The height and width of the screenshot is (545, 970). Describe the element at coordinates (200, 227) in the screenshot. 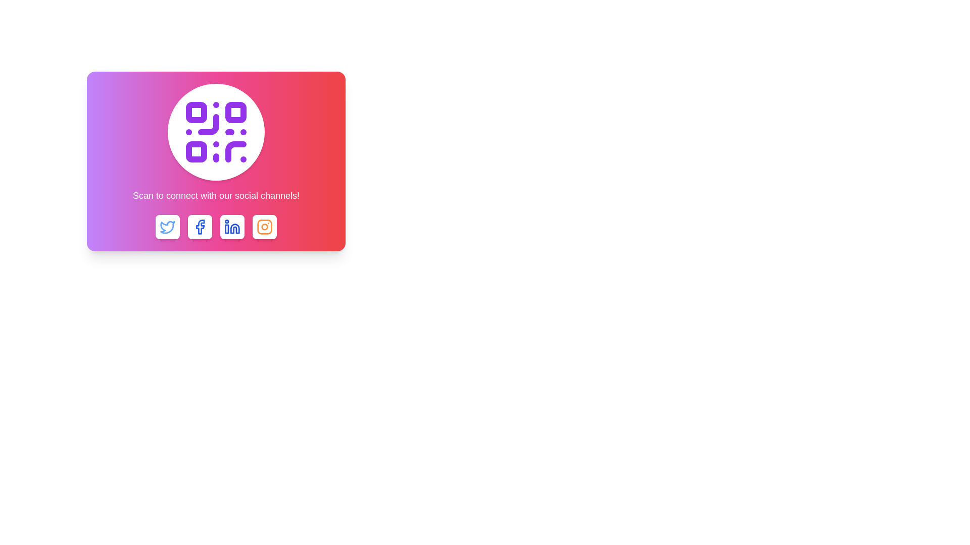

I see `the Facebook action button, which is the second button in a horizontal row of social media buttons` at that location.